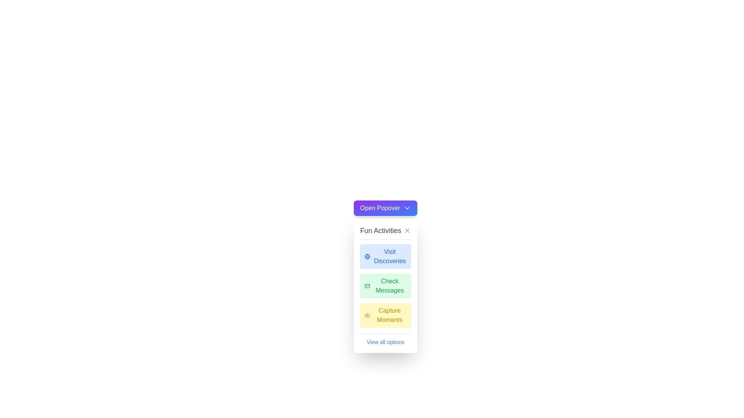 The width and height of the screenshot is (744, 418). What do you see at coordinates (385, 286) in the screenshot?
I see `the dropdown menu or popover panel located below the 'Open Popover' button, which provides options for 'Fun Activities' and 'View all options'` at bounding box center [385, 286].